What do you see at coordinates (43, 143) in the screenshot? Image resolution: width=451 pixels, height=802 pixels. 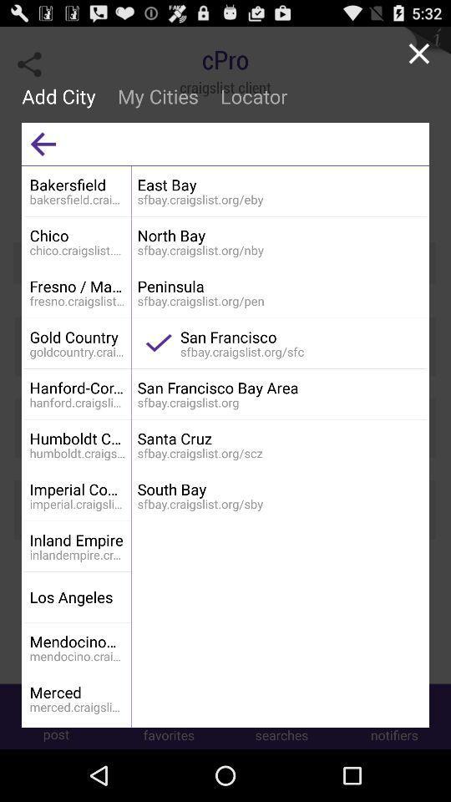 I see `the item next to the my cities item` at bounding box center [43, 143].